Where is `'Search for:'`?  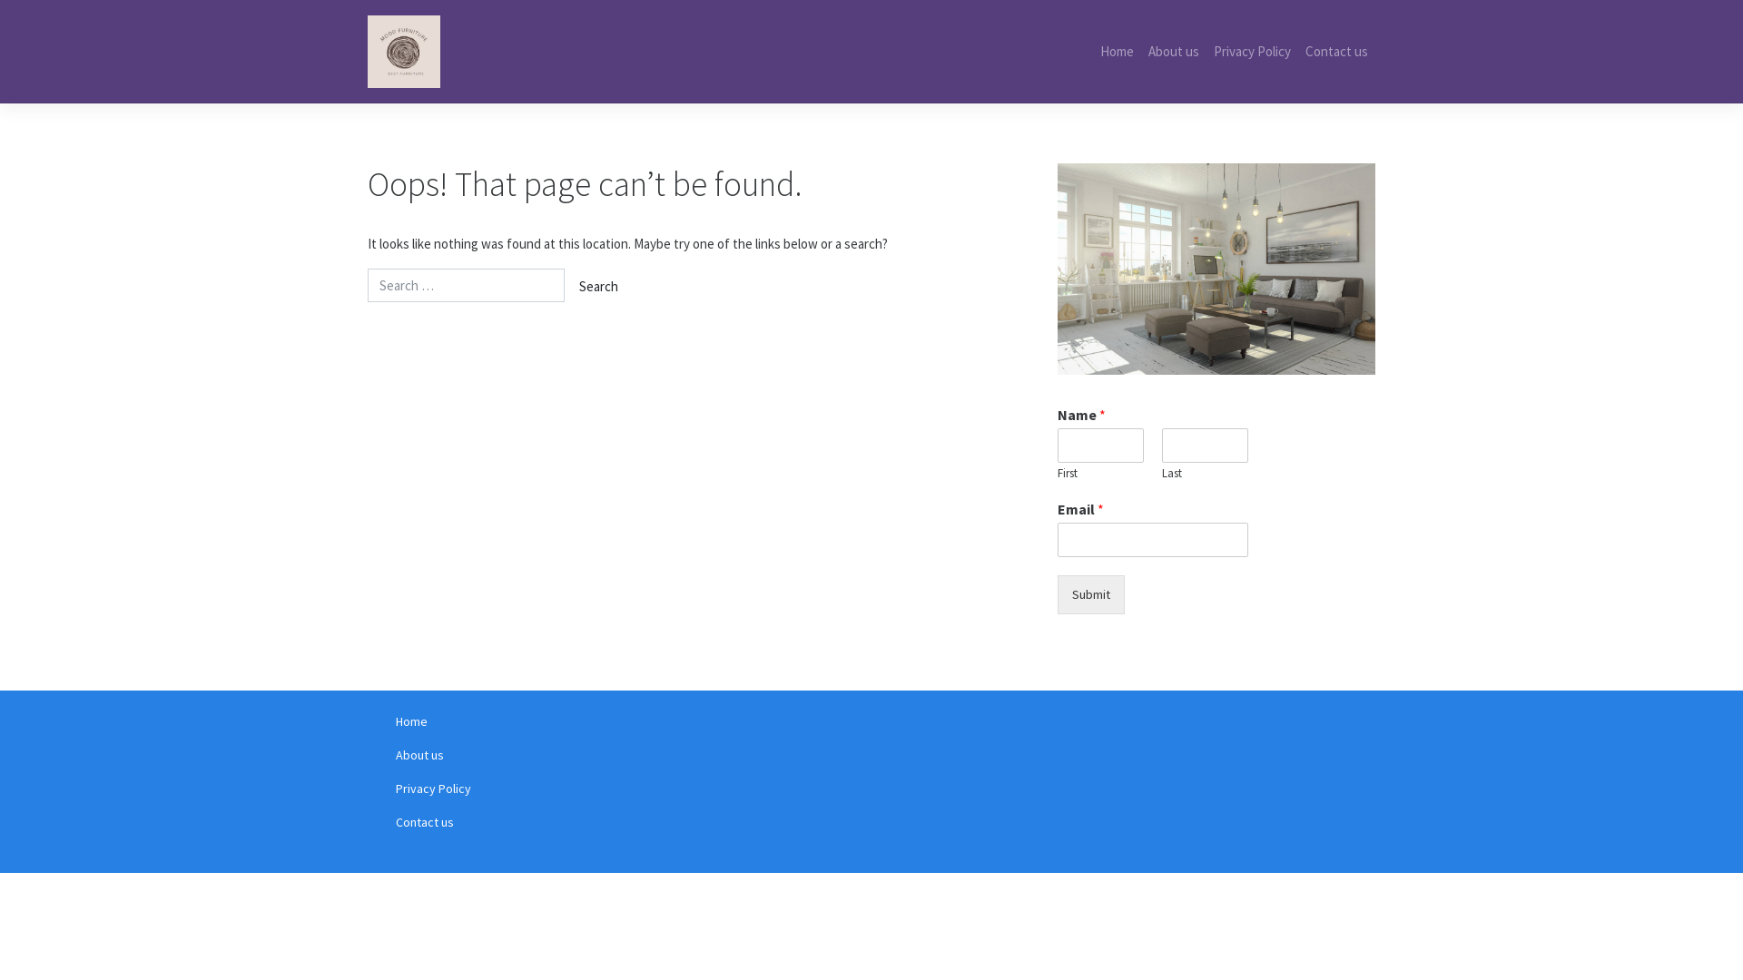 'Search for:' is located at coordinates (366, 285).